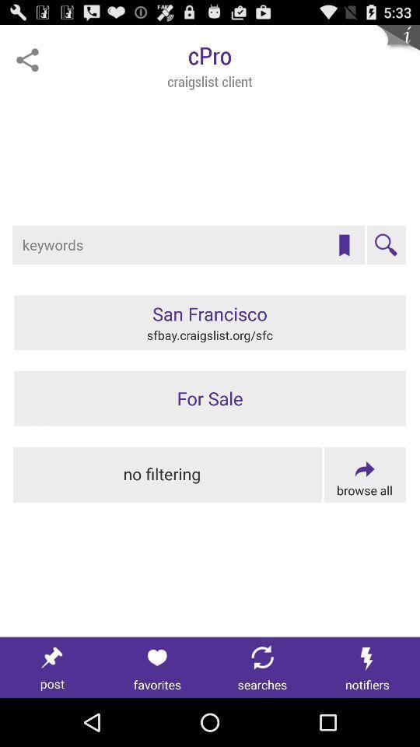 The height and width of the screenshot is (747, 420). I want to click on item at the top left corner, so click(27, 60).